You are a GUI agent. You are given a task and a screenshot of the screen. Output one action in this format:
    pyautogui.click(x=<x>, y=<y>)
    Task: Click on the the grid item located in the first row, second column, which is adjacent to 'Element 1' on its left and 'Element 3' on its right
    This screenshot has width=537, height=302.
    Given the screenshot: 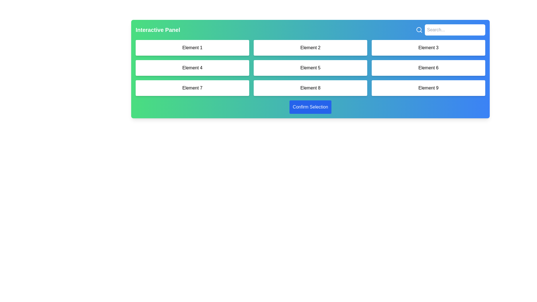 What is the action you would take?
    pyautogui.click(x=310, y=47)
    